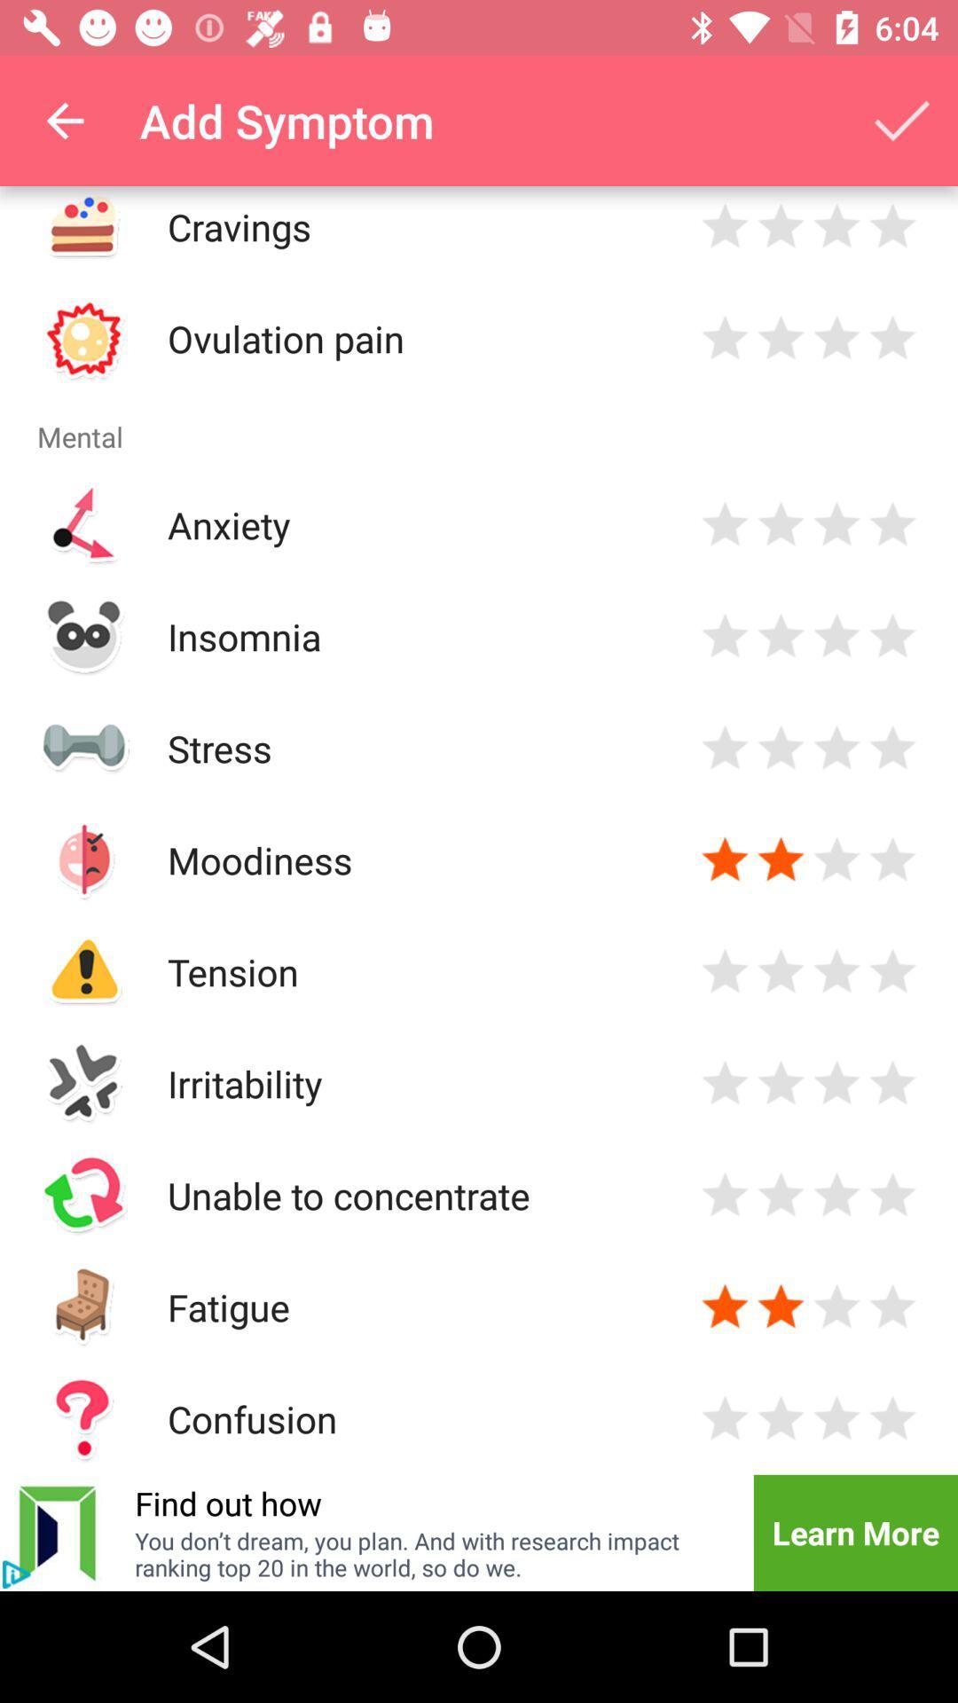  Describe the element at coordinates (892, 859) in the screenshot. I see `rank moodiness four stars out of four` at that location.